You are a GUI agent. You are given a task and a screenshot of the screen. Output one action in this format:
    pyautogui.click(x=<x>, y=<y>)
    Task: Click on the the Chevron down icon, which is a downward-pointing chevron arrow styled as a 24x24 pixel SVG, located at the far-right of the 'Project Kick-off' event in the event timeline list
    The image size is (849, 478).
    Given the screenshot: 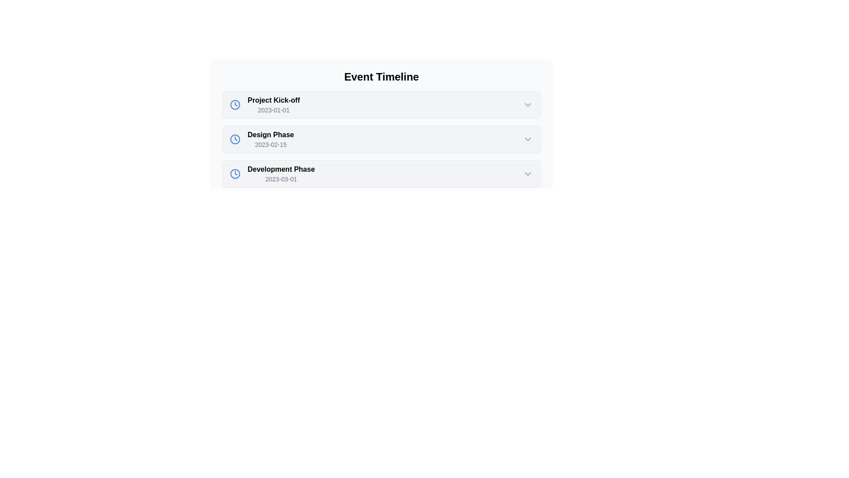 What is the action you would take?
    pyautogui.click(x=528, y=104)
    